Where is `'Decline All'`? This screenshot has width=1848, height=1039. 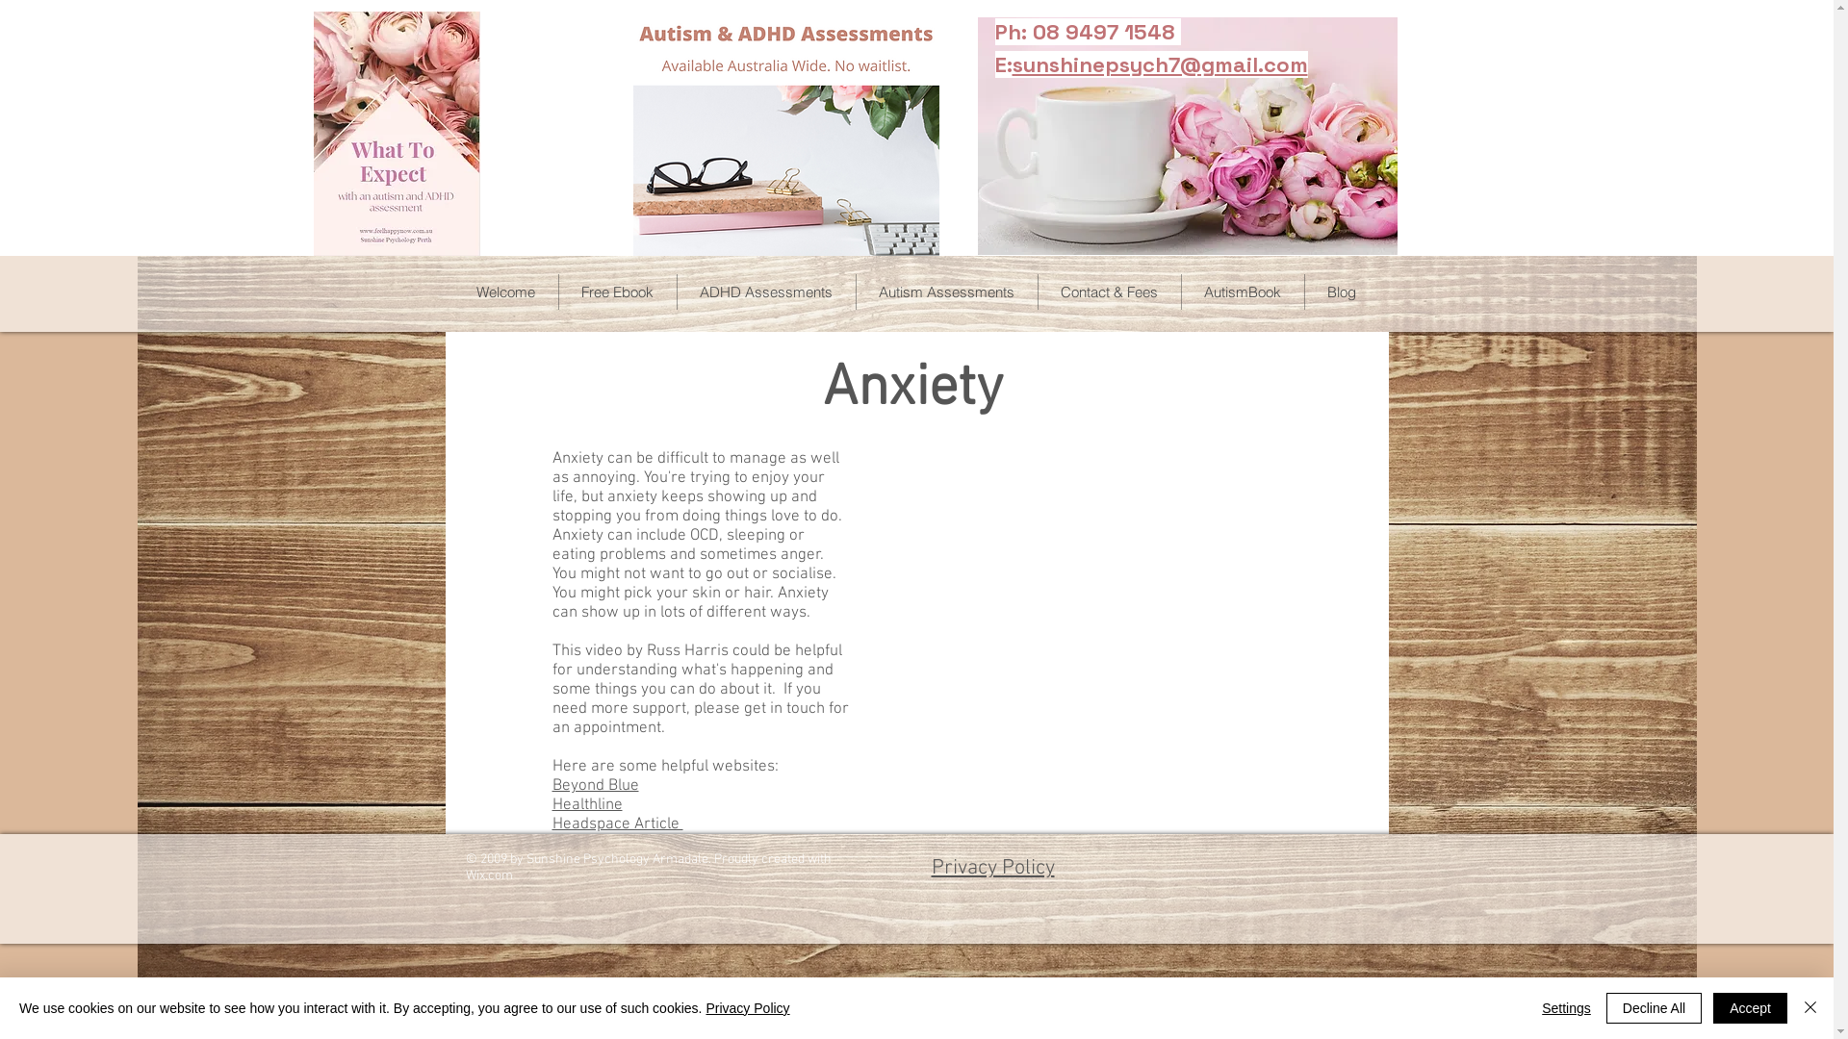
'Decline All' is located at coordinates (1653, 1007).